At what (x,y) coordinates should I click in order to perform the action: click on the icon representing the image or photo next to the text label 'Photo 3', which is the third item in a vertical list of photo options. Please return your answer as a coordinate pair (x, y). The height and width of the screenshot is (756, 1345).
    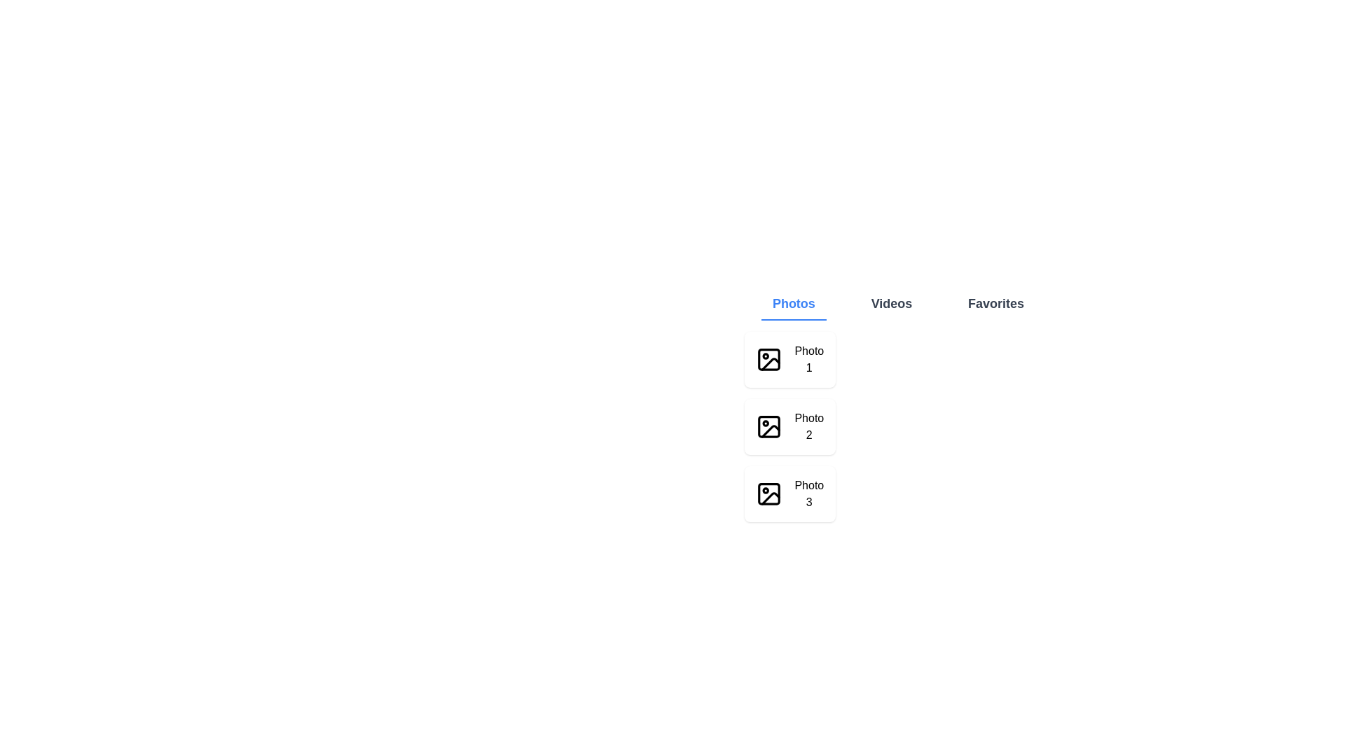
    Looking at the image, I should click on (768, 493).